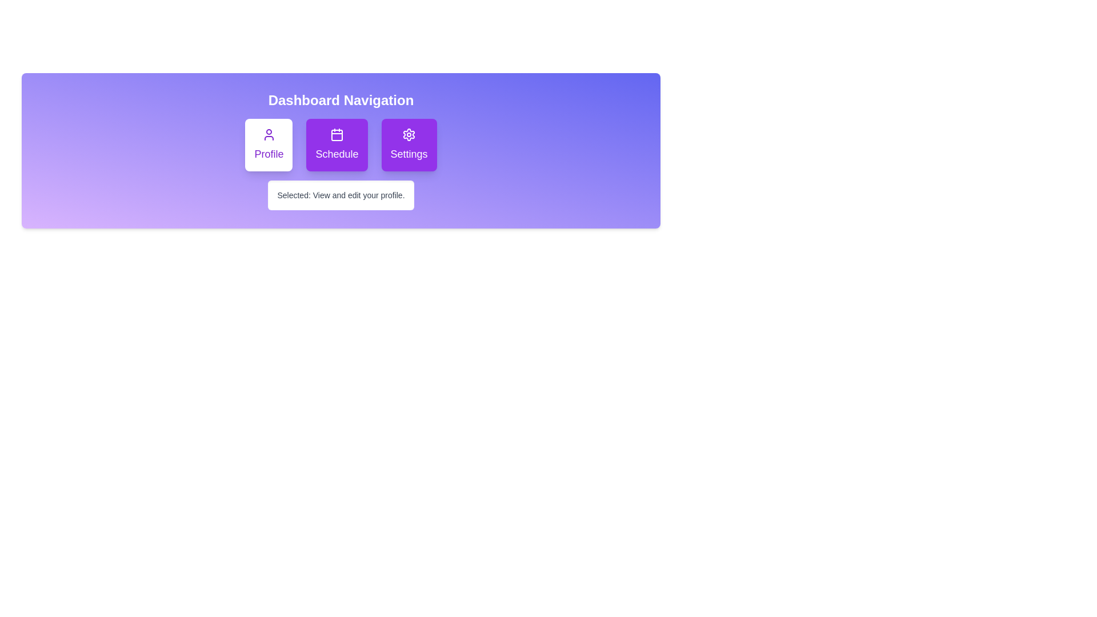  What do you see at coordinates (268, 154) in the screenshot?
I see `text label that indicates the purpose of the card linking to the user's profile section, located in the top left corner of the dashboard navigation bar` at bounding box center [268, 154].